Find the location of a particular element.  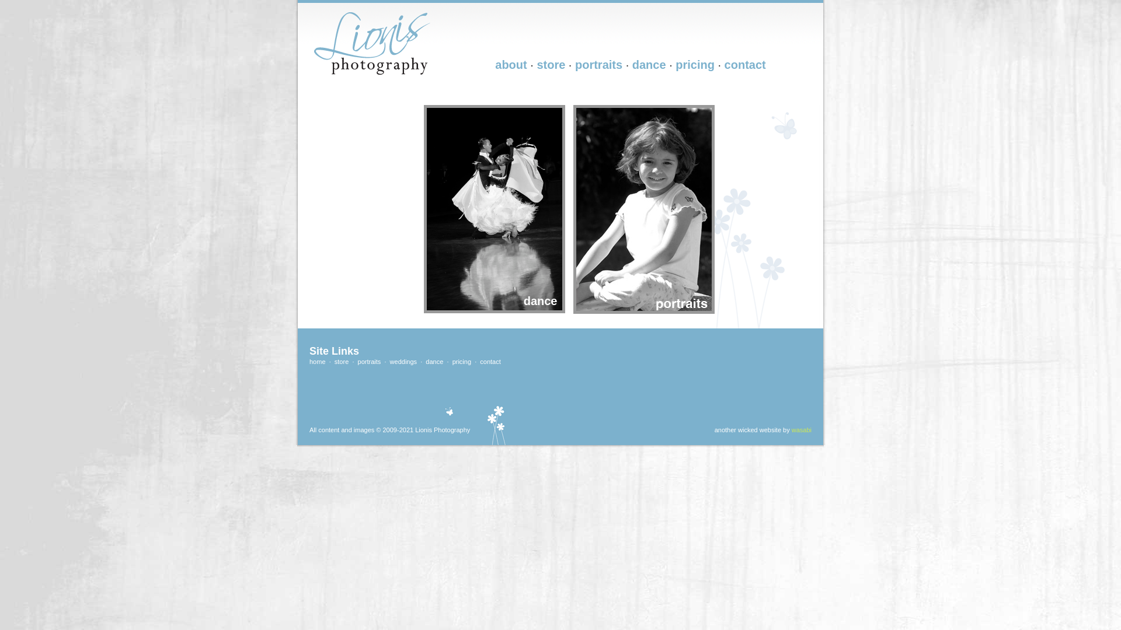

'pricing' is located at coordinates (461, 361).